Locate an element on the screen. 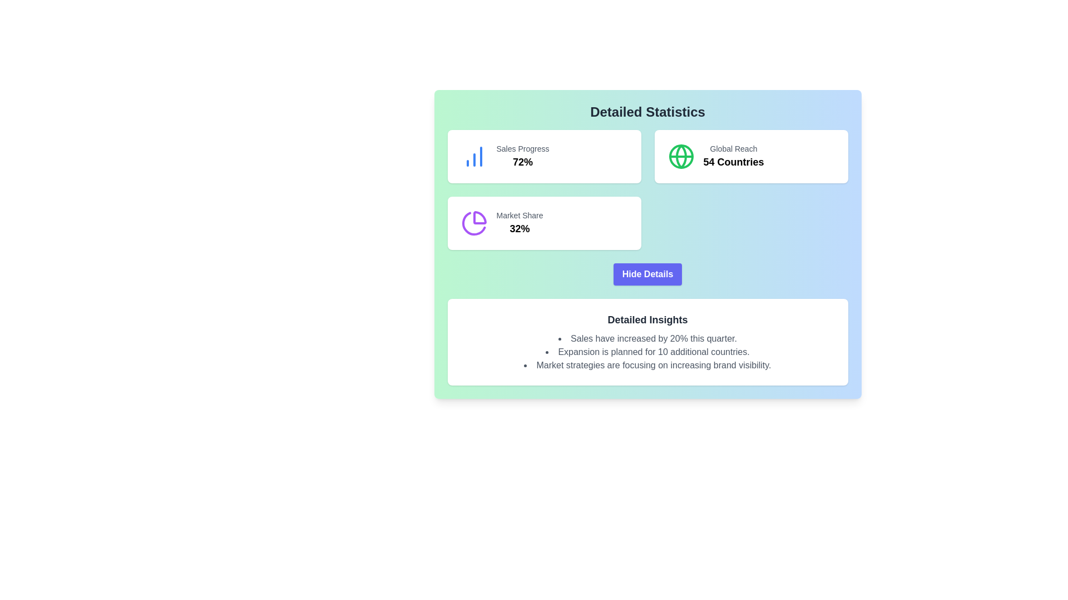  the 'Sales Progress' label element which displays the text in a small grey font, located in the 'Detailed Statistics' section above '72%' is located at coordinates (522, 148).